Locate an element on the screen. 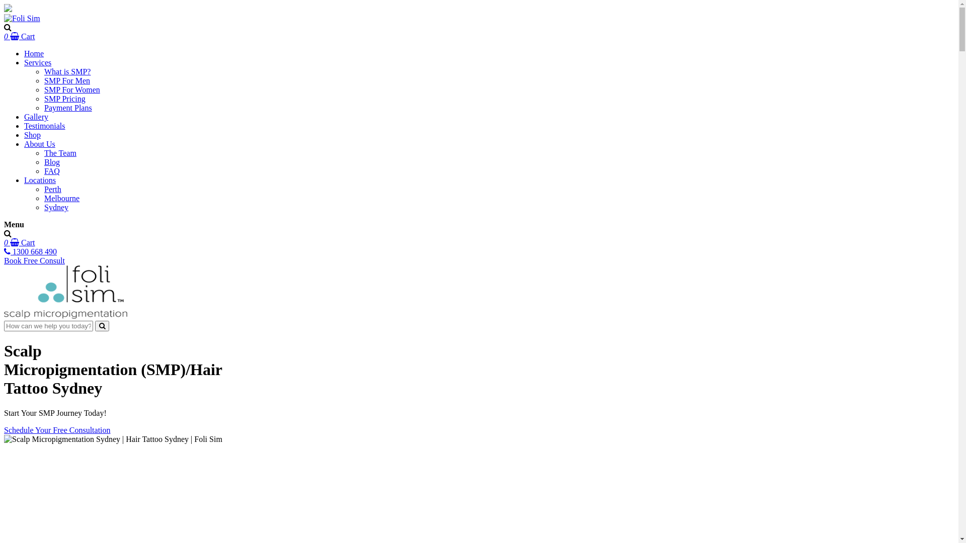  'About Us' is located at coordinates (39, 144).